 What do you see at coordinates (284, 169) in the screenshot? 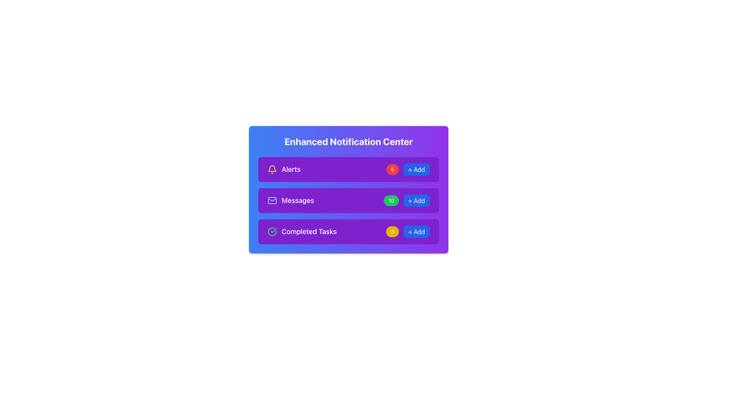
I see `the 'Alerts' text label in the notification center` at bounding box center [284, 169].